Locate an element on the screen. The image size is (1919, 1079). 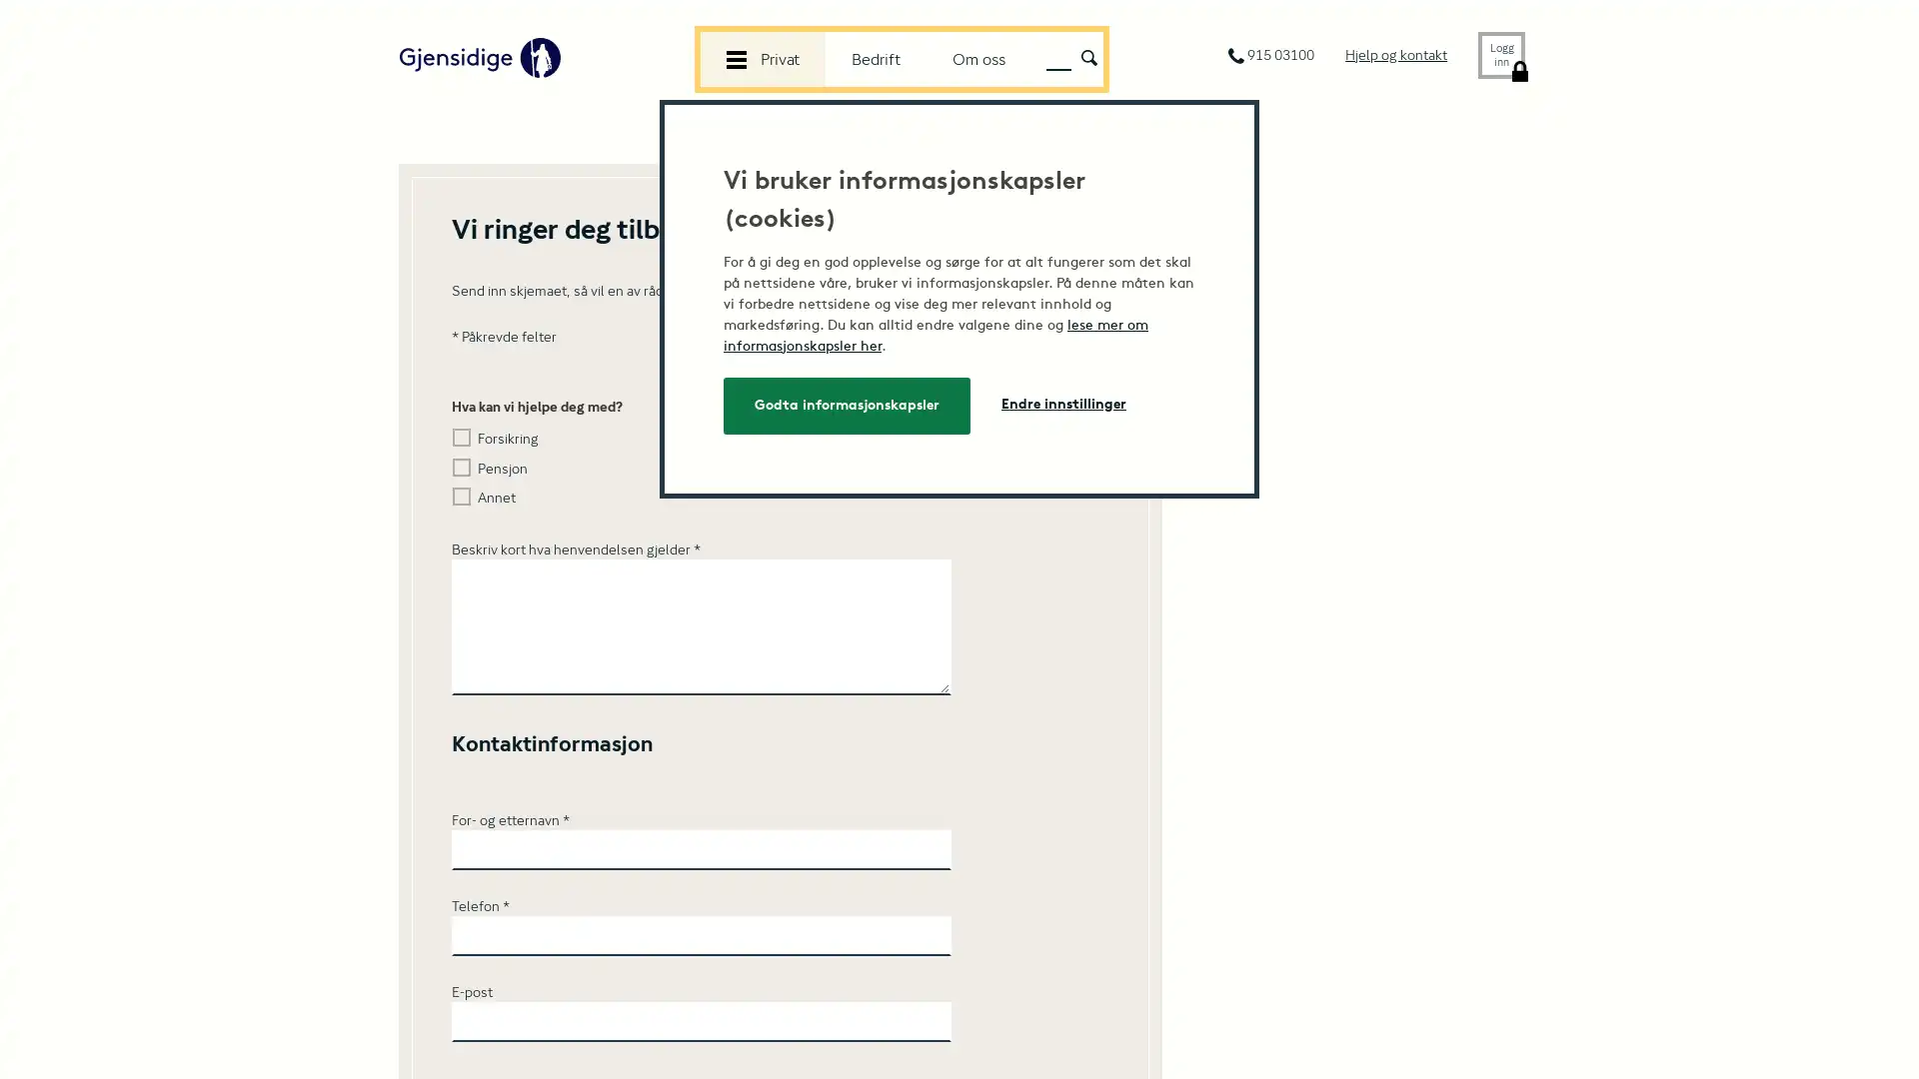
Skeknapp is located at coordinates (1087, 55).